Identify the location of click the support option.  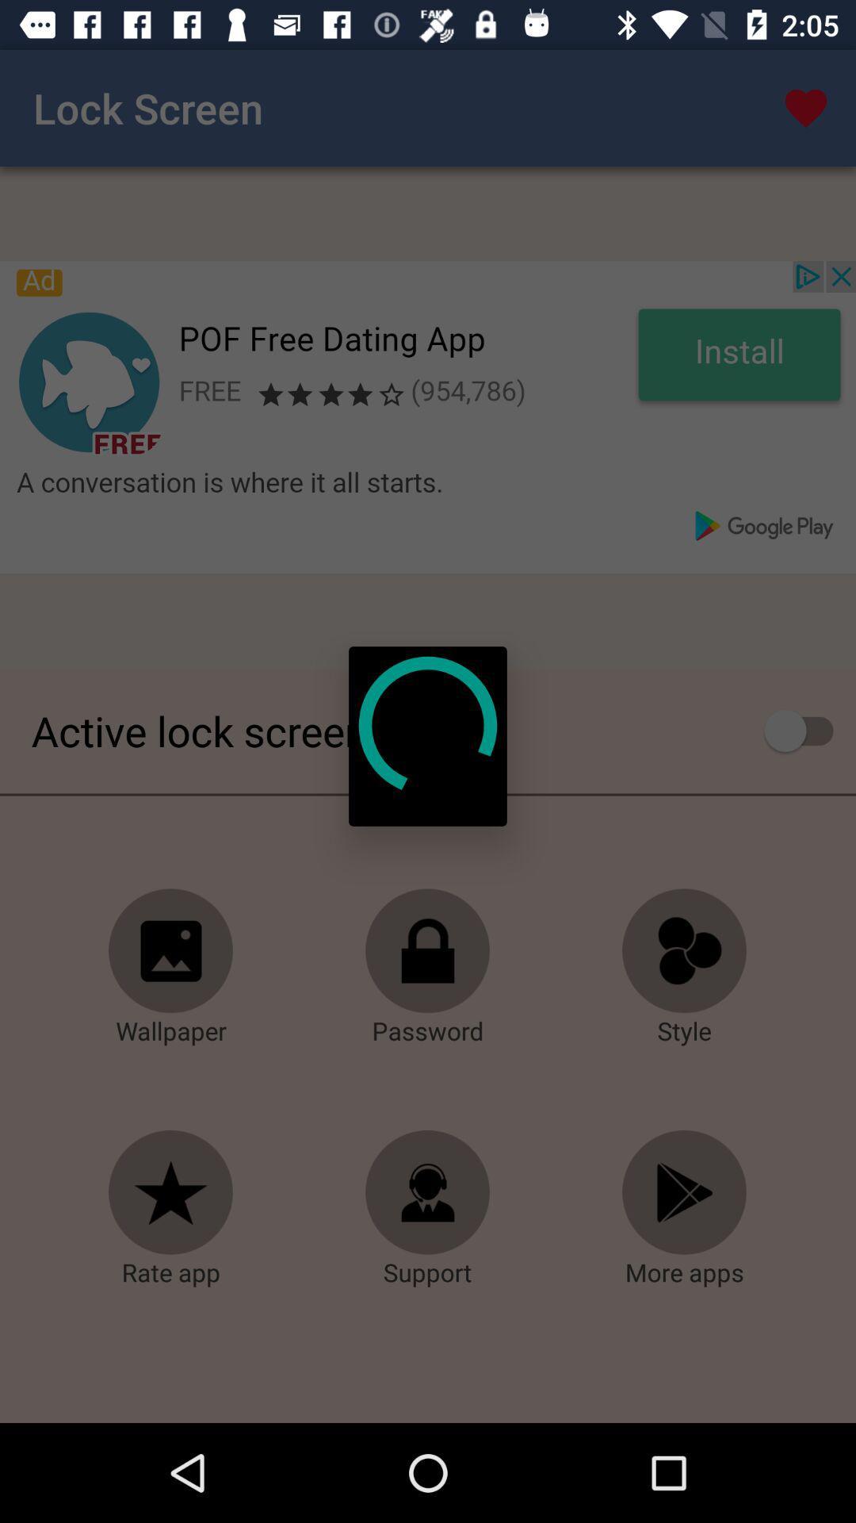
(428, 1192).